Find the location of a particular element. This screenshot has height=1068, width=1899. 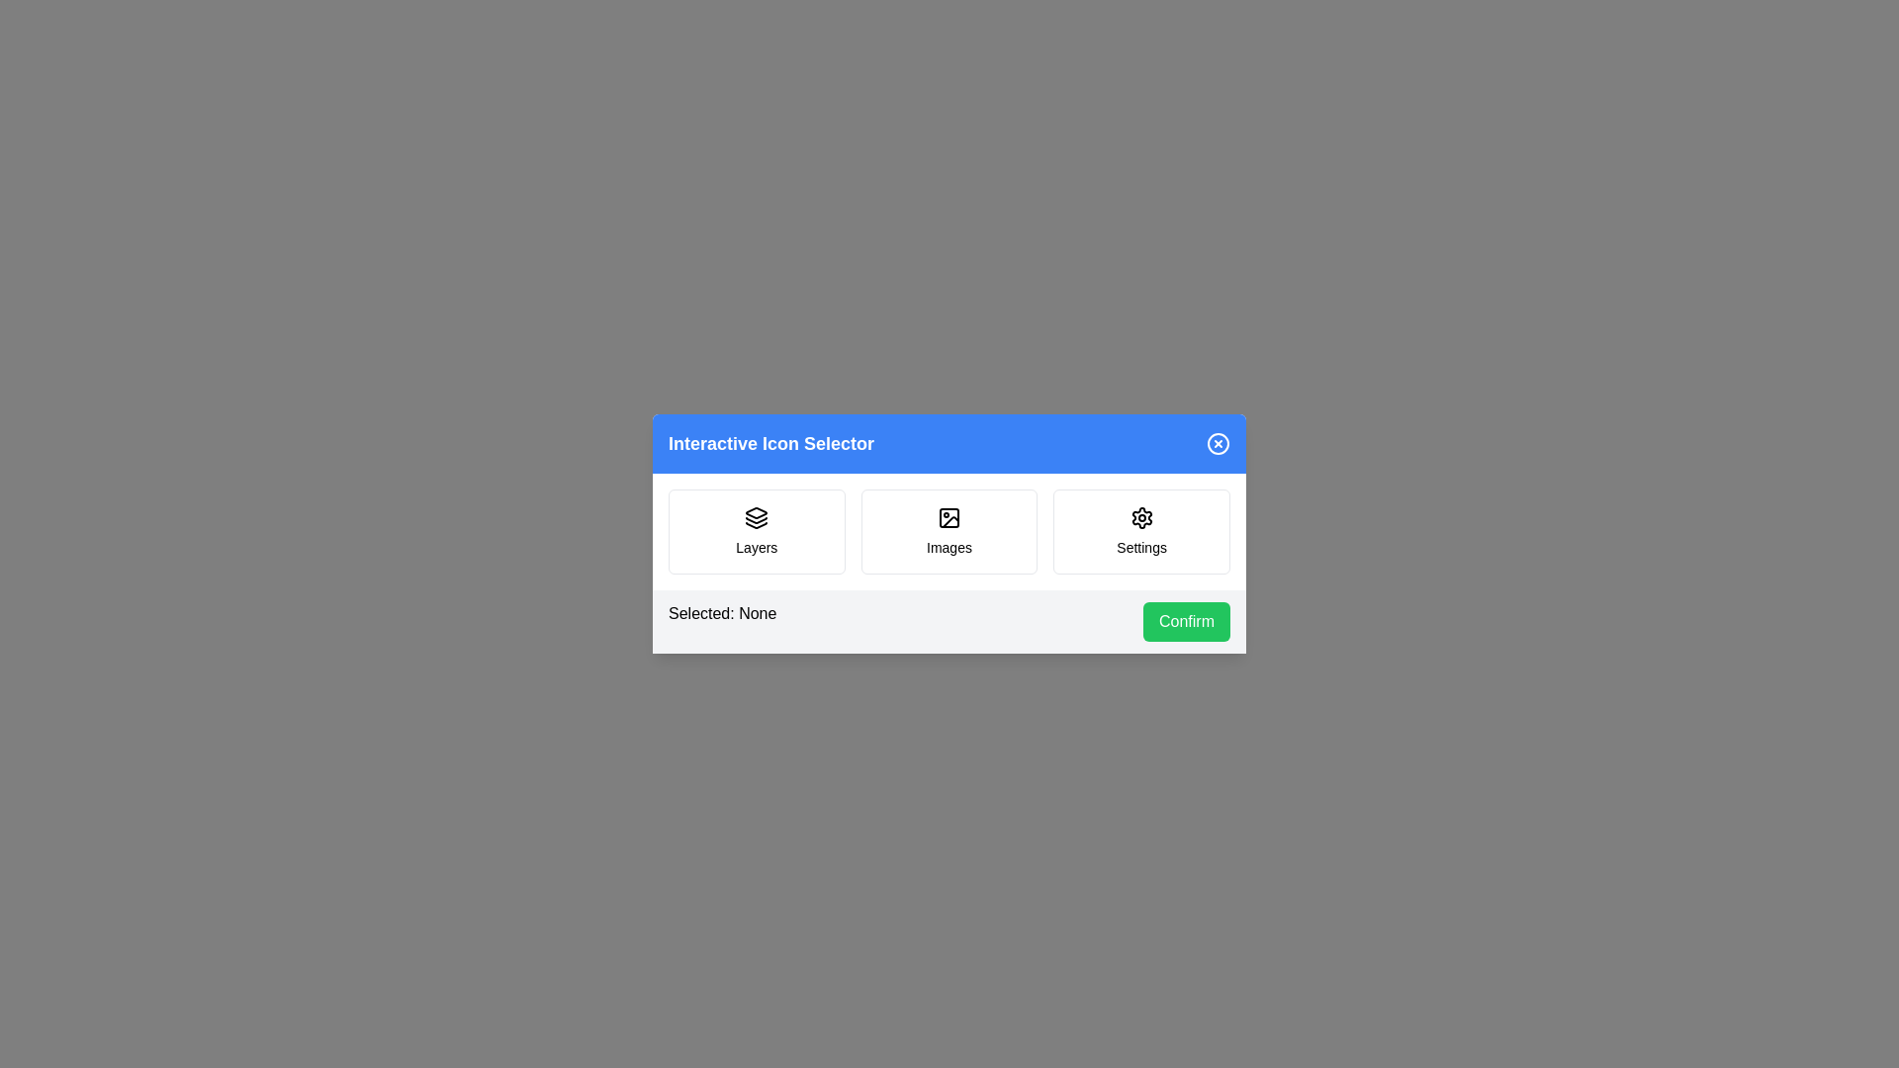

the icon Images by clicking on it is located at coordinates (949, 530).